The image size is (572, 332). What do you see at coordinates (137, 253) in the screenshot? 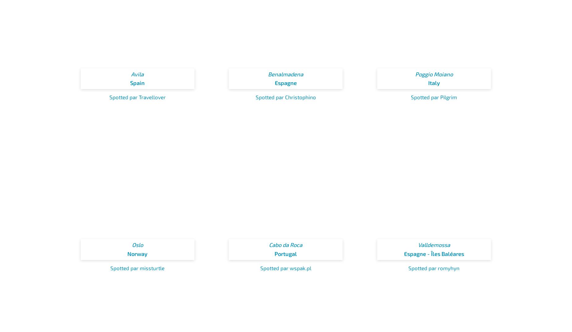
I see `'Norway'` at bounding box center [137, 253].